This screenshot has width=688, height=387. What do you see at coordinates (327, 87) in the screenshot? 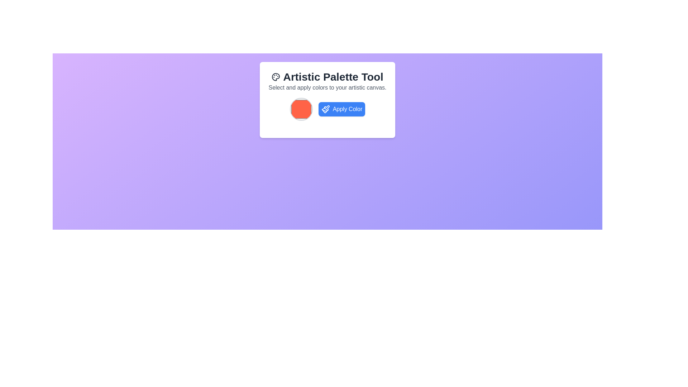
I see `the static text block that provides instructional guidance regarding selecting and applying colors, located directly below the 'Artistic Palette Tool' header and above the 'Apply Color' button` at bounding box center [327, 87].